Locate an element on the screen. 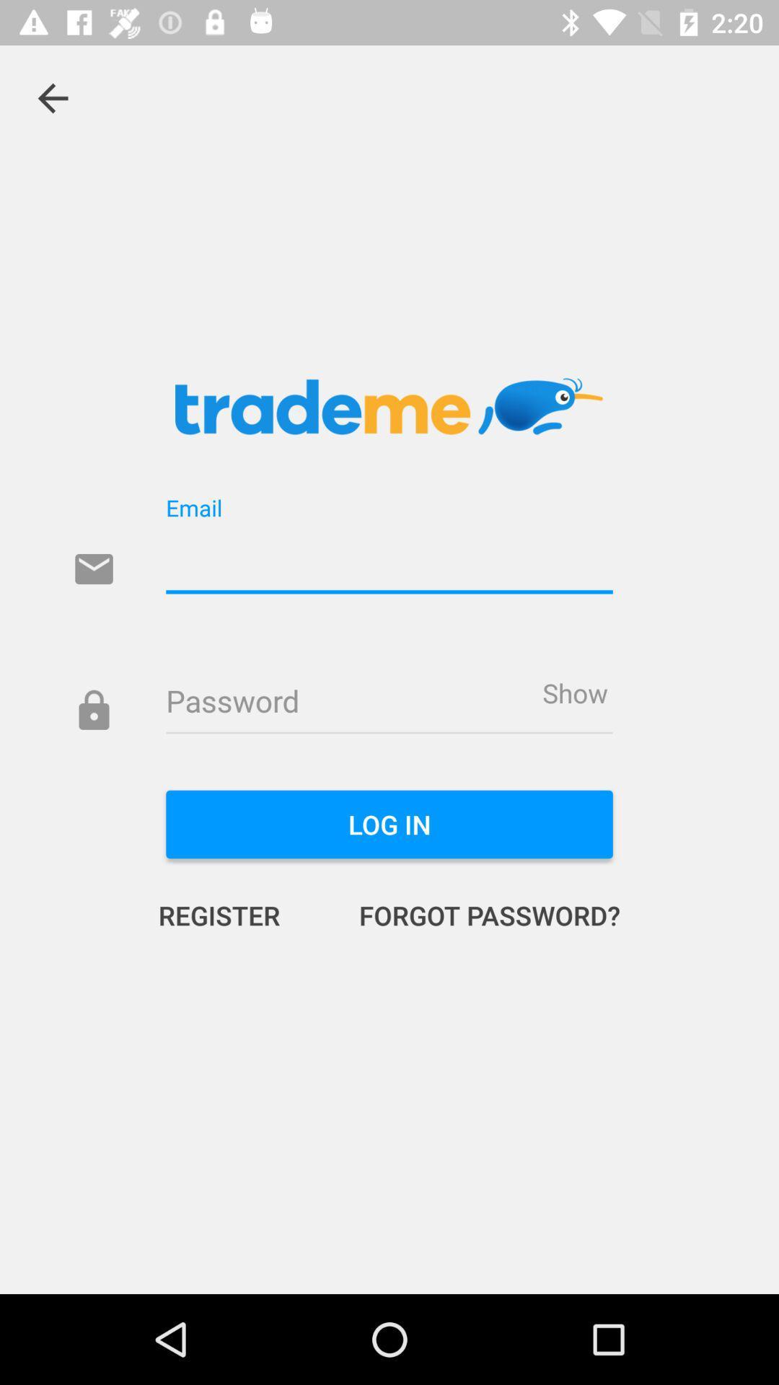 Image resolution: width=779 pixels, height=1385 pixels. register icon is located at coordinates (234, 914).